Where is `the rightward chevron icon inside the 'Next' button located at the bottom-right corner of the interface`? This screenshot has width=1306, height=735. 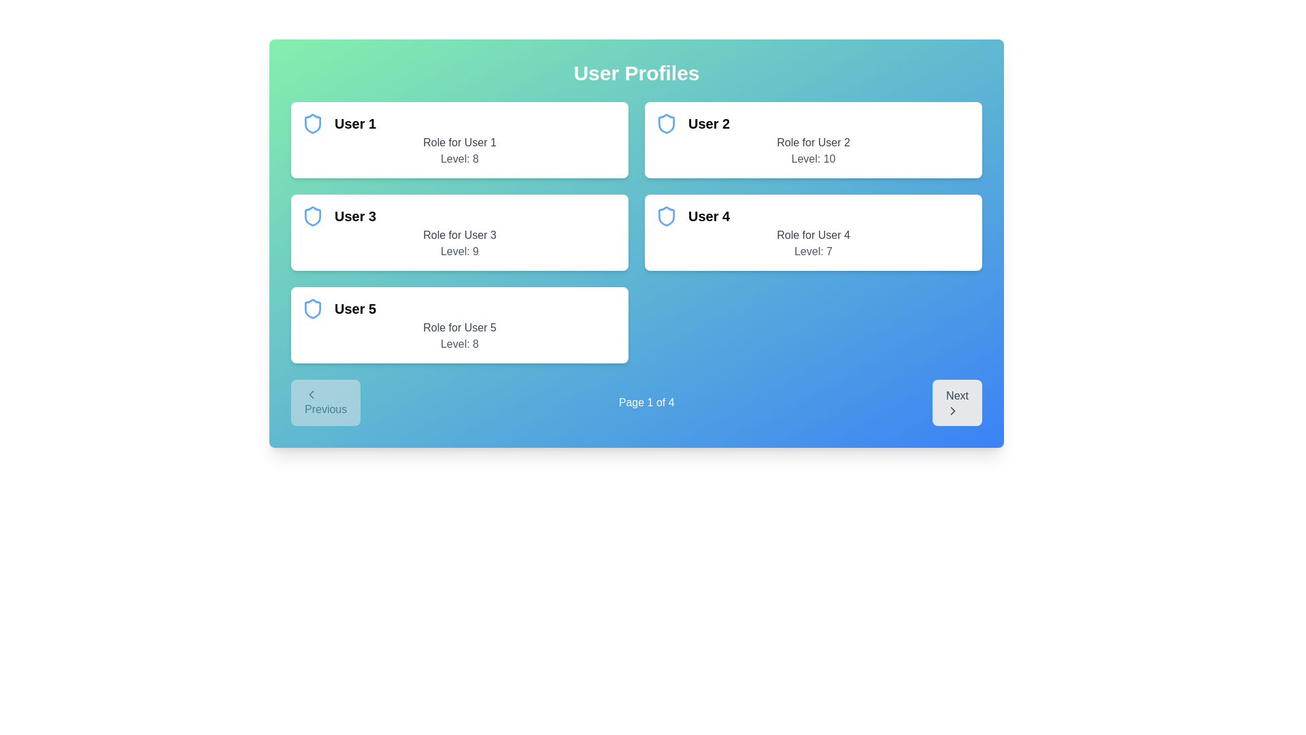
the rightward chevron icon inside the 'Next' button located at the bottom-right corner of the interface is located at coordinates (952, 410).